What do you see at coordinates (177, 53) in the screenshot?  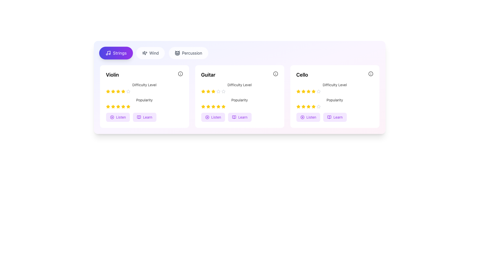 I see `the 'Percussion' category icon, which is positioned to the left of the text label 'Percussion' in the category selector list` at bounding box center [177, 53].